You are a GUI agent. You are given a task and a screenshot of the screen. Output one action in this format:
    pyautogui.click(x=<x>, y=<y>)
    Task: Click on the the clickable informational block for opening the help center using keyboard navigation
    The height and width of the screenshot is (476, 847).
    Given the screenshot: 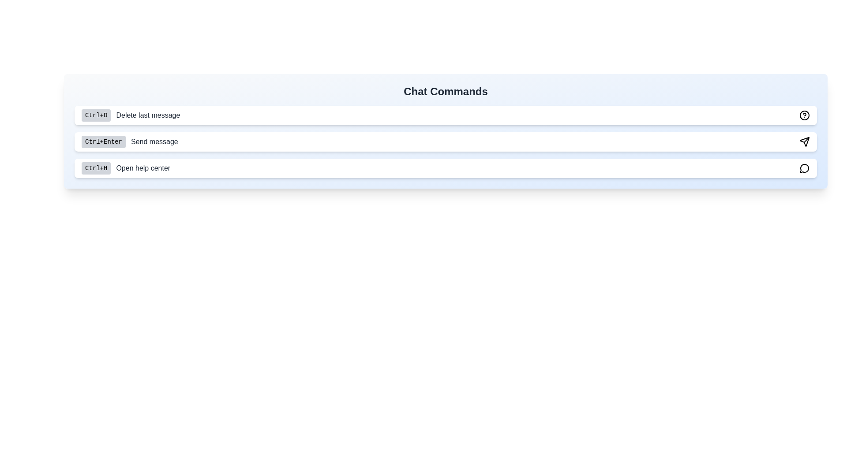 What is the action you would take?
    pyautogui.click(x=446, y=168)
    